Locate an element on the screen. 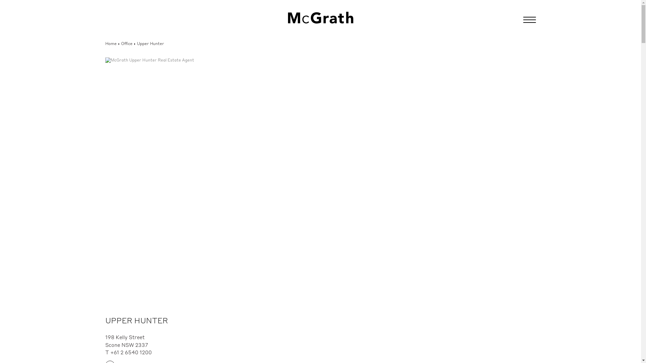  'Upper Hunter' is located at coordinates (136, 44).